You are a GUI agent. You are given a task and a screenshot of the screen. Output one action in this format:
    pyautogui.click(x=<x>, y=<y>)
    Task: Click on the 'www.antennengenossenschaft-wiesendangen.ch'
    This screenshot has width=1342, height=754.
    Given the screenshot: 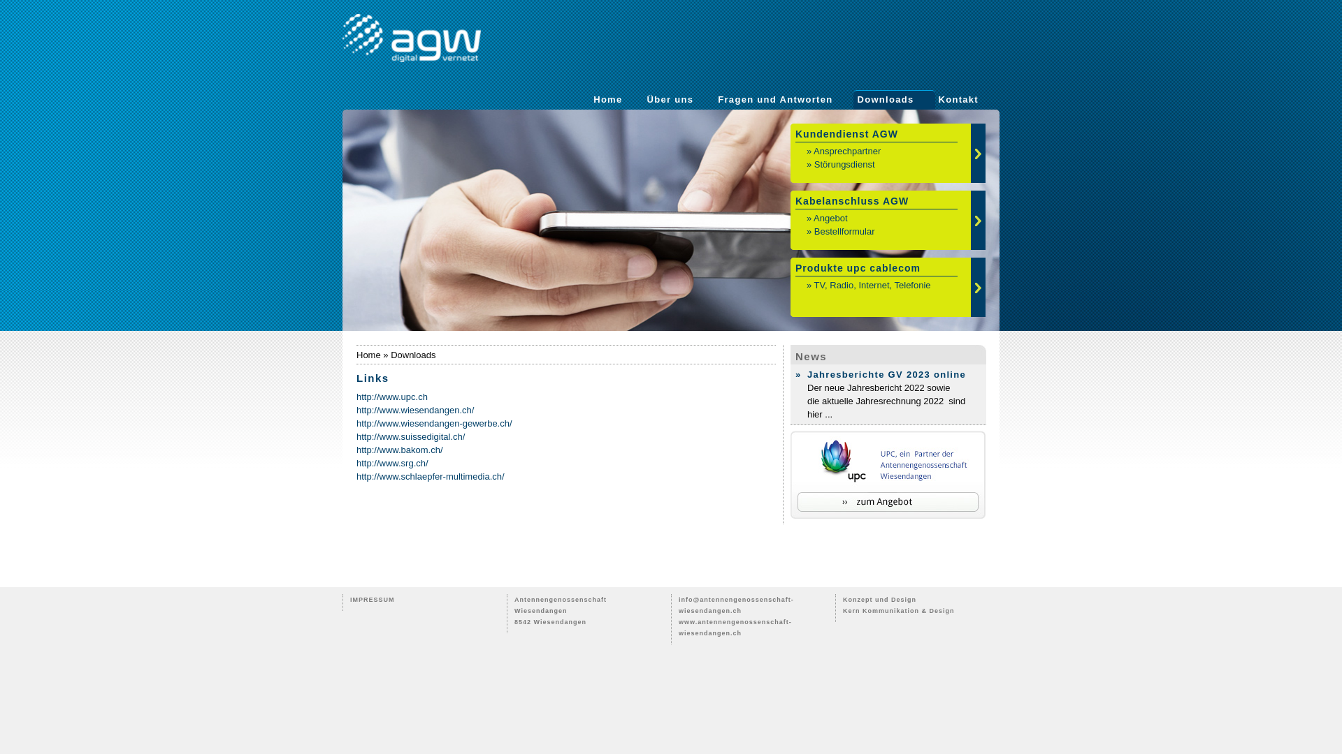 What is the action you would take?
    pyautogui.click(x=734, y=626)
    